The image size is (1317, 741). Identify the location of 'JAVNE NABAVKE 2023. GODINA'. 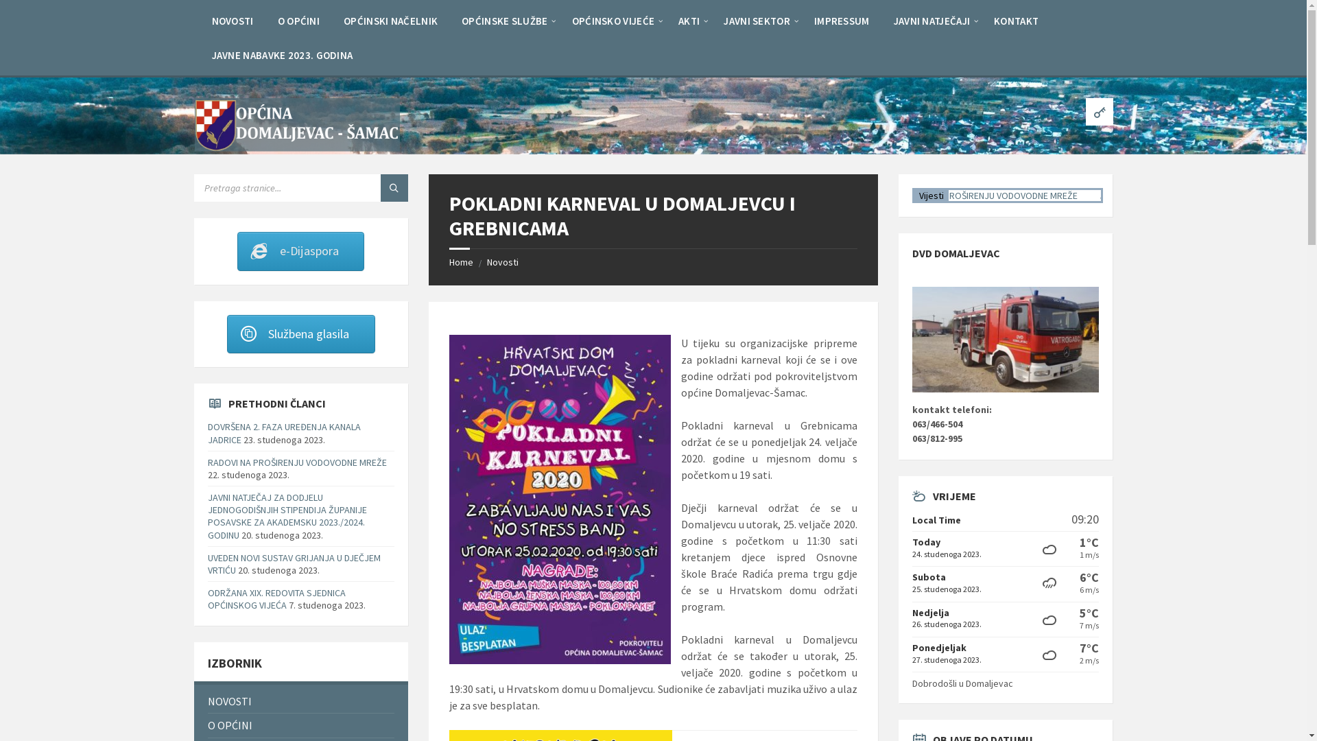
(281, 54).